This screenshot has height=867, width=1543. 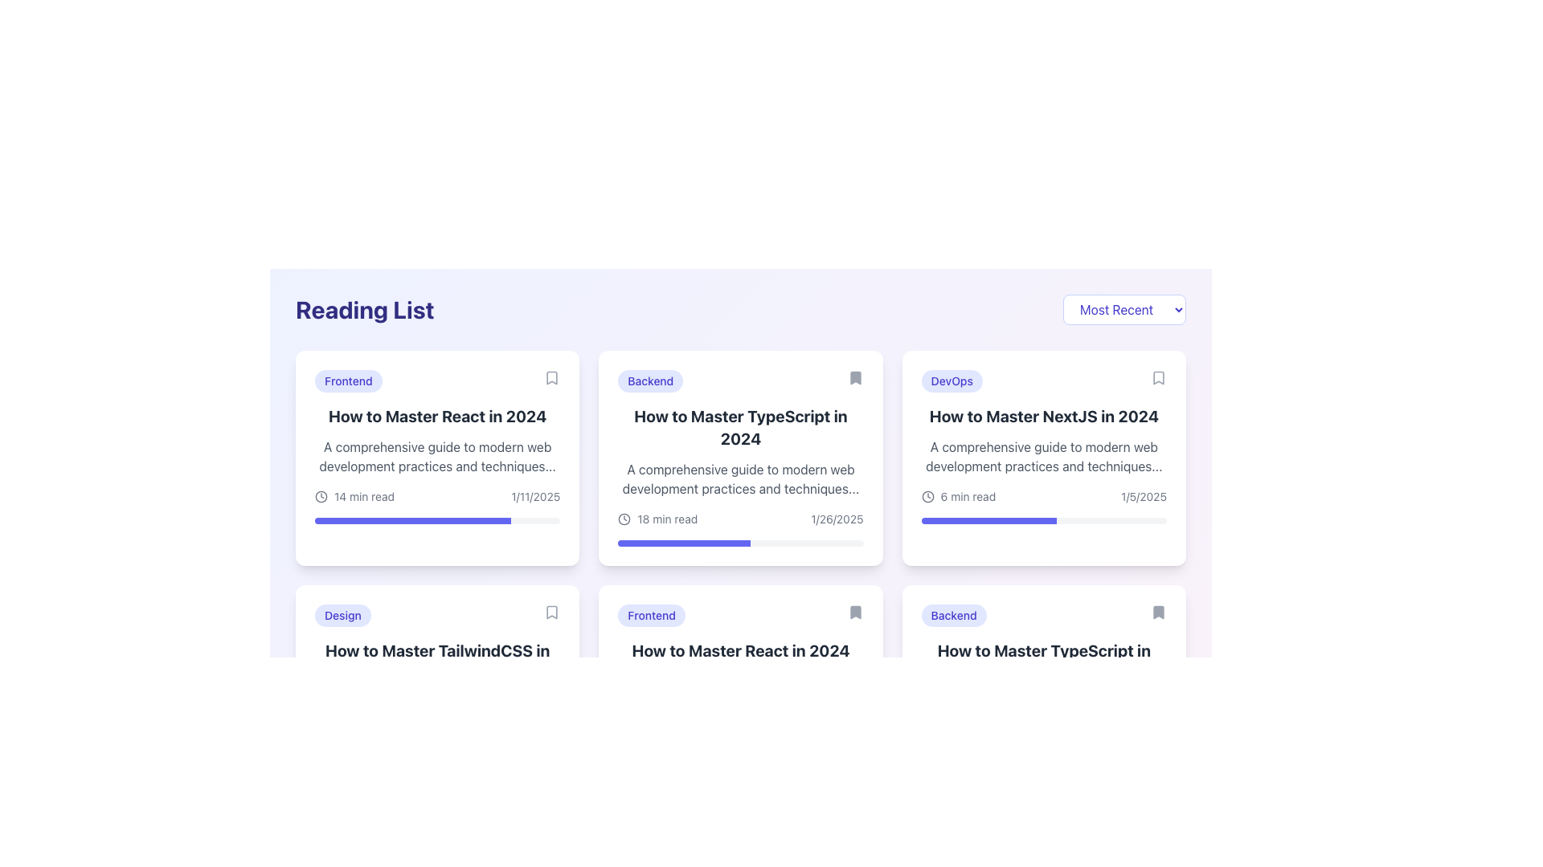 What do you see at coordinates (739, 478) in the screenshot?
I see `text element styled in gray font that is located below the title 'How to Master TypeScript in 2024' within a card structure` at bounding box center [739, 478].